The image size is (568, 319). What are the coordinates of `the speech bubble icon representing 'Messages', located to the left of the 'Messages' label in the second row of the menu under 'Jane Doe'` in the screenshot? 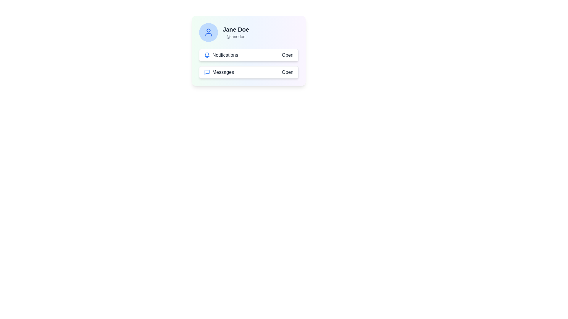 It's located at (207, 72).